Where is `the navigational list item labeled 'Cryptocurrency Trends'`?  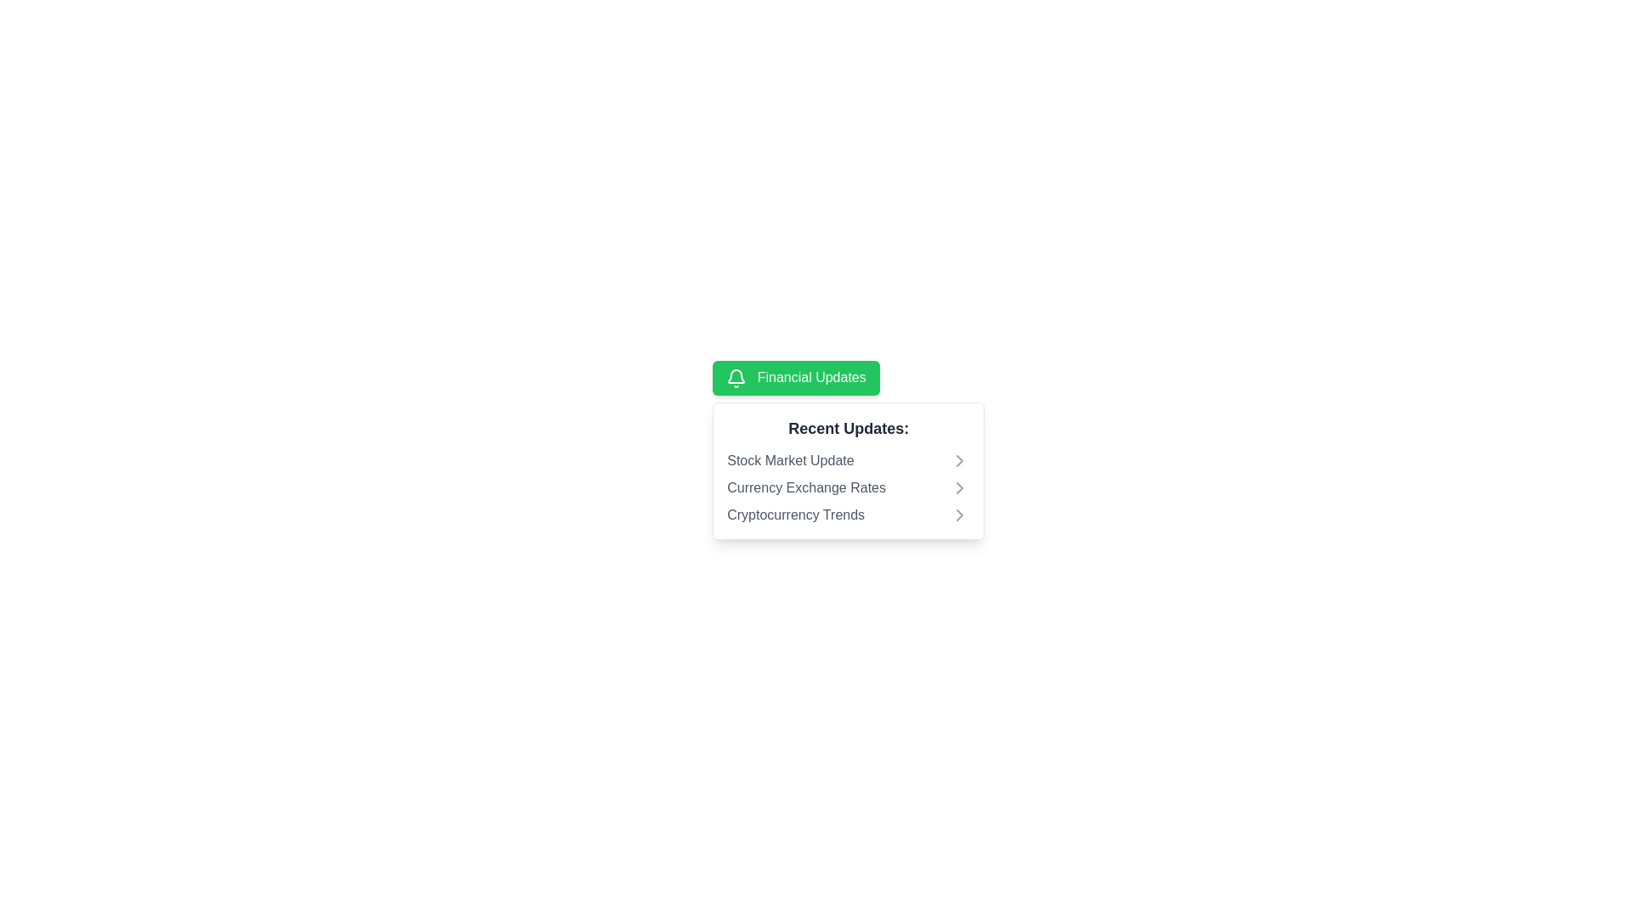
the navigational list item labeled 'Cryptocurrency Trends' is located at coordinates (849, 514).